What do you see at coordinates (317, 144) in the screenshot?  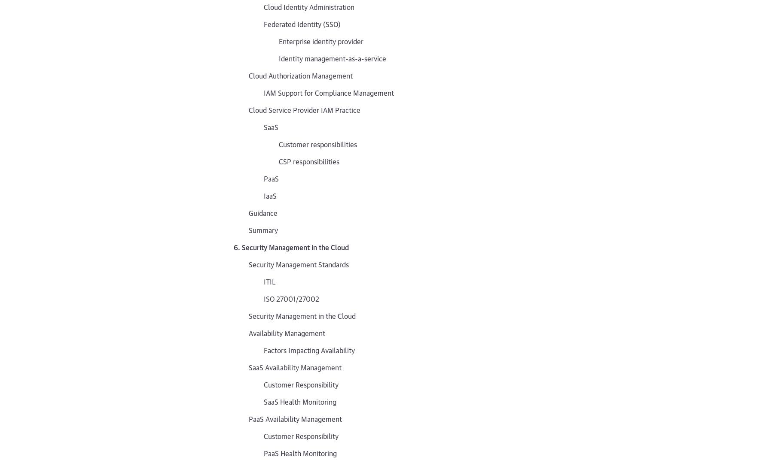 I see `'Customer responsibilities'` at bounding box center [317, 144].